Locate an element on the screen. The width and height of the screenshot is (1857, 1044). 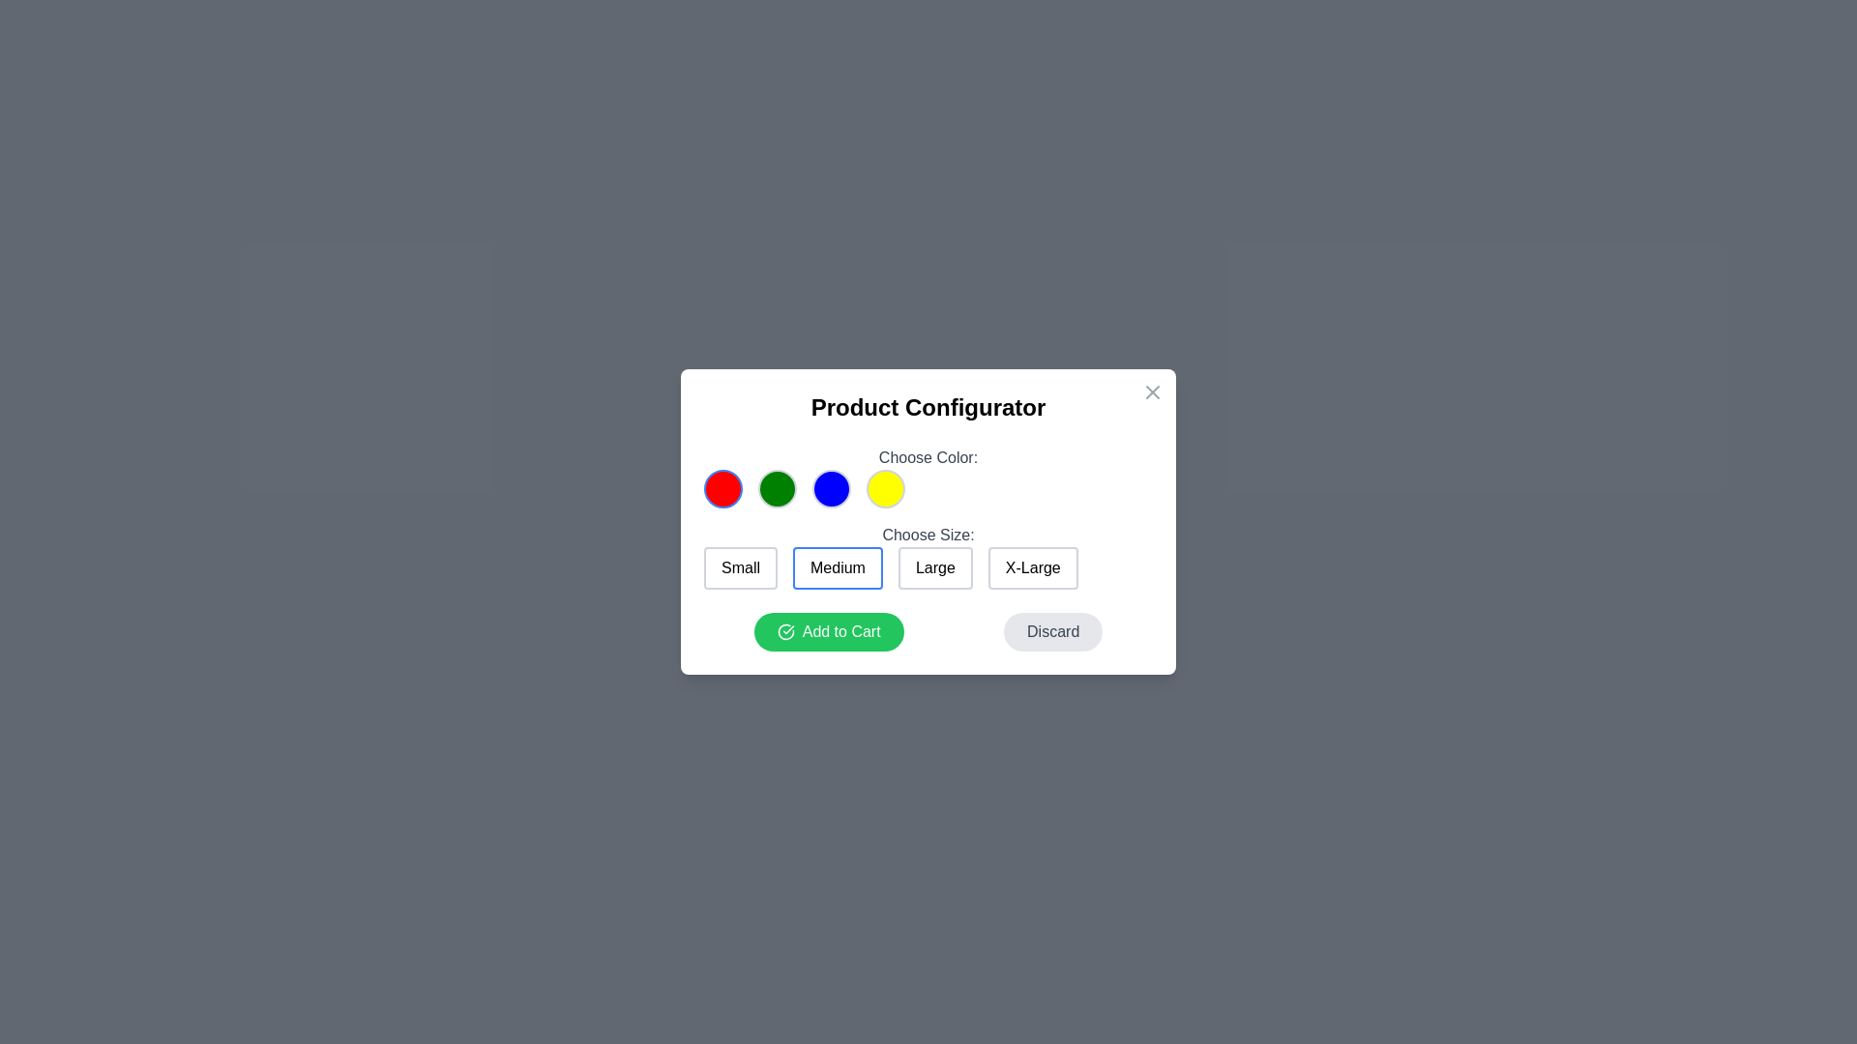
the 'Large' size selection button located beneath the 'Choose Color:' section in the modal dialog is located at coordinates (928, 556).